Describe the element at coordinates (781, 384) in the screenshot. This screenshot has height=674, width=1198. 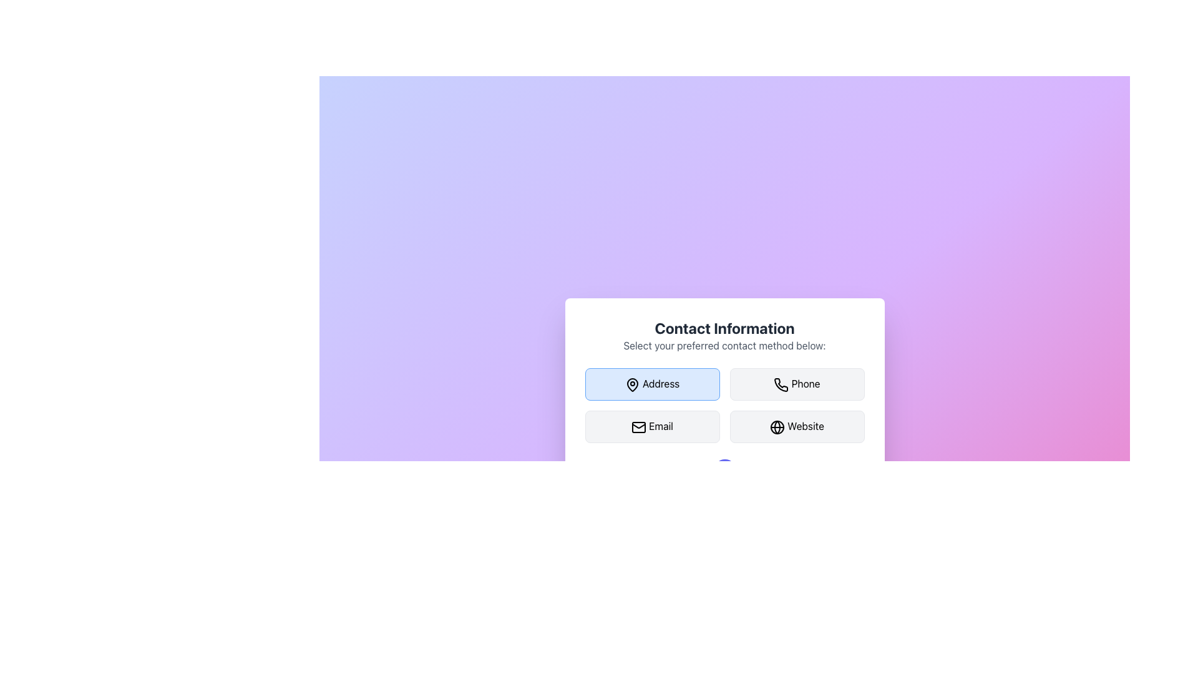
I see `the telephone handset icon located inside the 'Phone' button in the top-right corner of the card layout under 'Contact Information', if the button is interactive` at that location.